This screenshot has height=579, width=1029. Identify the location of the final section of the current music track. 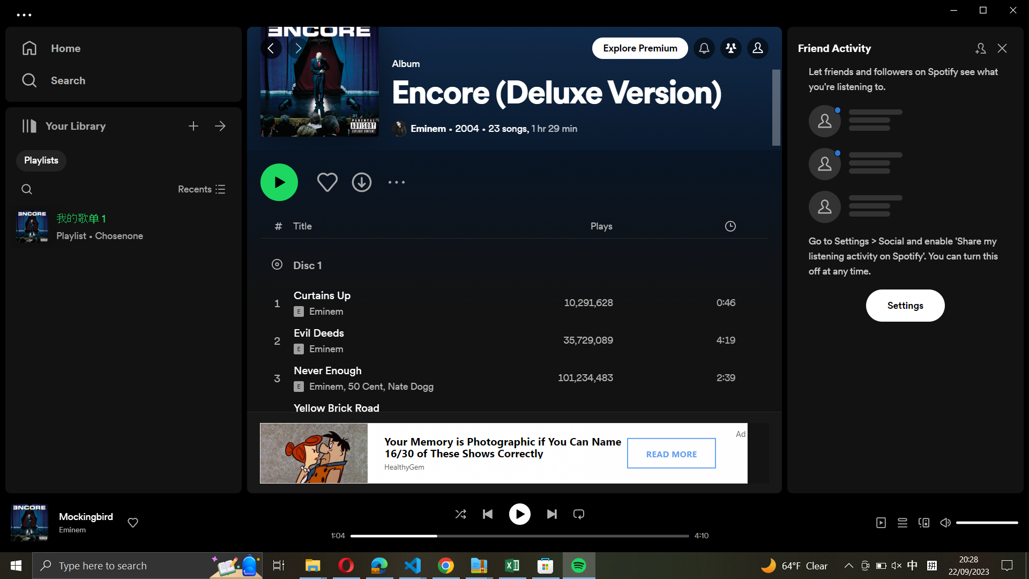
(682, 537).